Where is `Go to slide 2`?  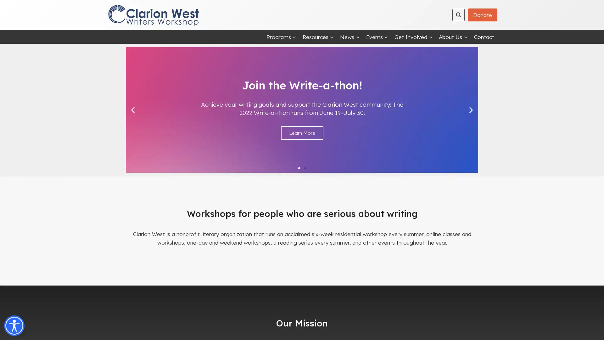
Go to slide 2 is located at coordinates (305, 167).